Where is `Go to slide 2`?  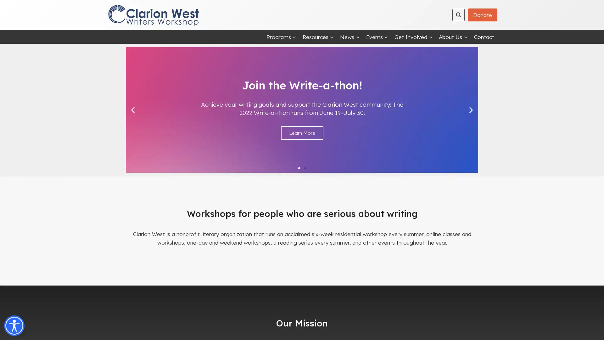
Go to slide 2 is located at coordinates (305, 167).